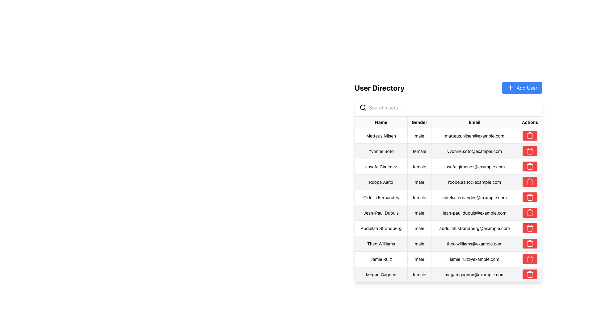 The image size is (593, 333). What do you see at coordinates (529, 274) in the screenshot?
I see `the vertical rectangular block with a red fill, which is part of the trash can icon located in the 'Actions' column of the last row corresponding to 'Megan Gagnon'` at bounding box center [529, 274].